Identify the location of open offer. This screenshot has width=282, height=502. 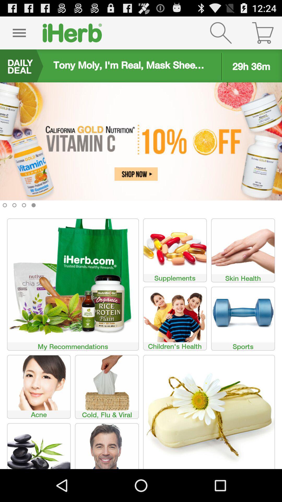
(141, 149).